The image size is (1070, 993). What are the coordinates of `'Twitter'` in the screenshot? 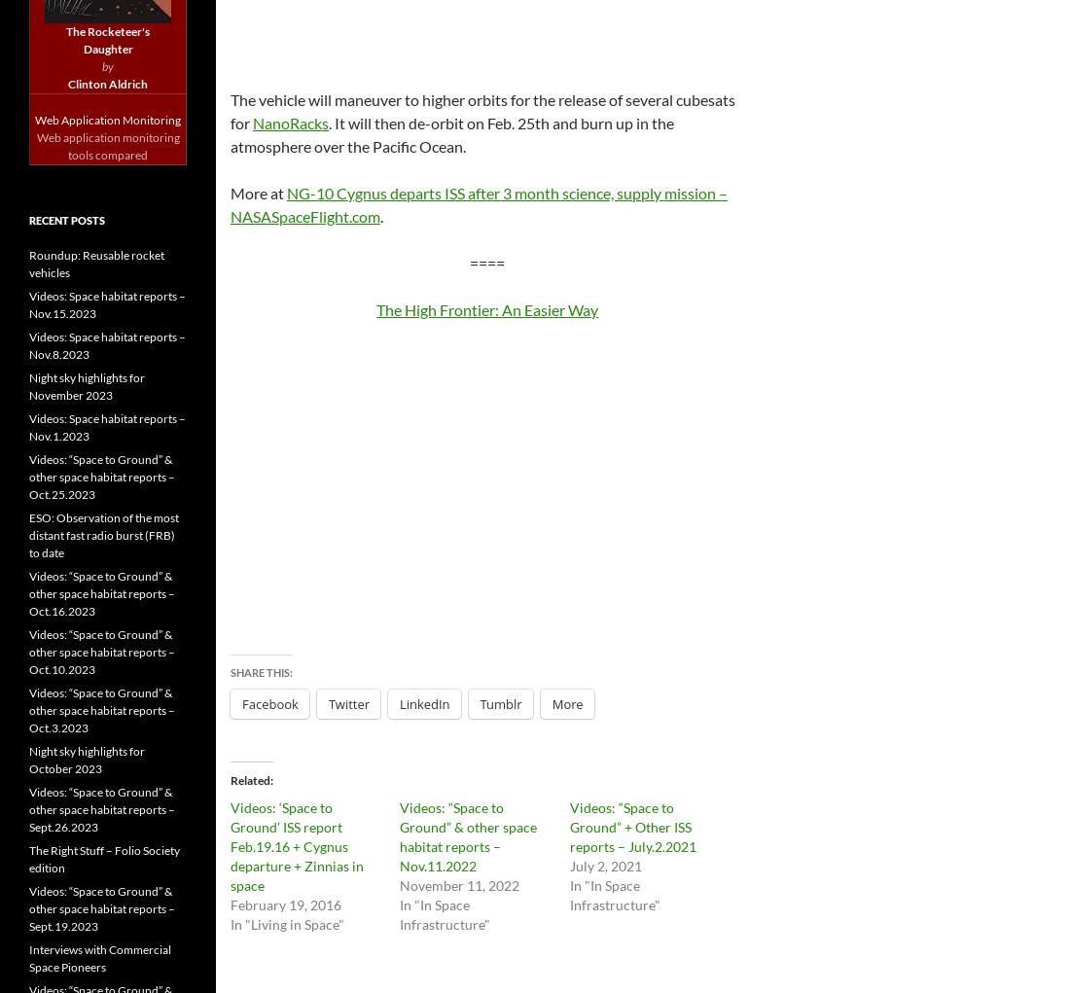 It's located at (348, 701).